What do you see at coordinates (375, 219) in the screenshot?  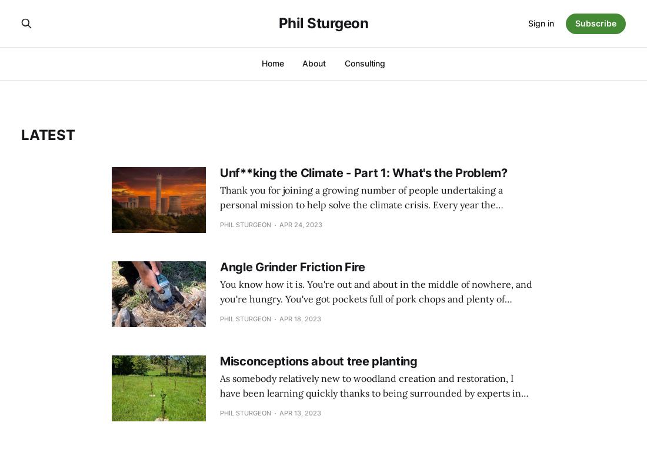 I see `'Thank you for joining a growing number of people undertaking a personal mission to help solve the climate crisis. Every year the intensity of the climate crisis is more concerning, and more people want to do even more than ever before, but figuring out where to start, navigating between greenwashing'` at bounding box center [375, 219].